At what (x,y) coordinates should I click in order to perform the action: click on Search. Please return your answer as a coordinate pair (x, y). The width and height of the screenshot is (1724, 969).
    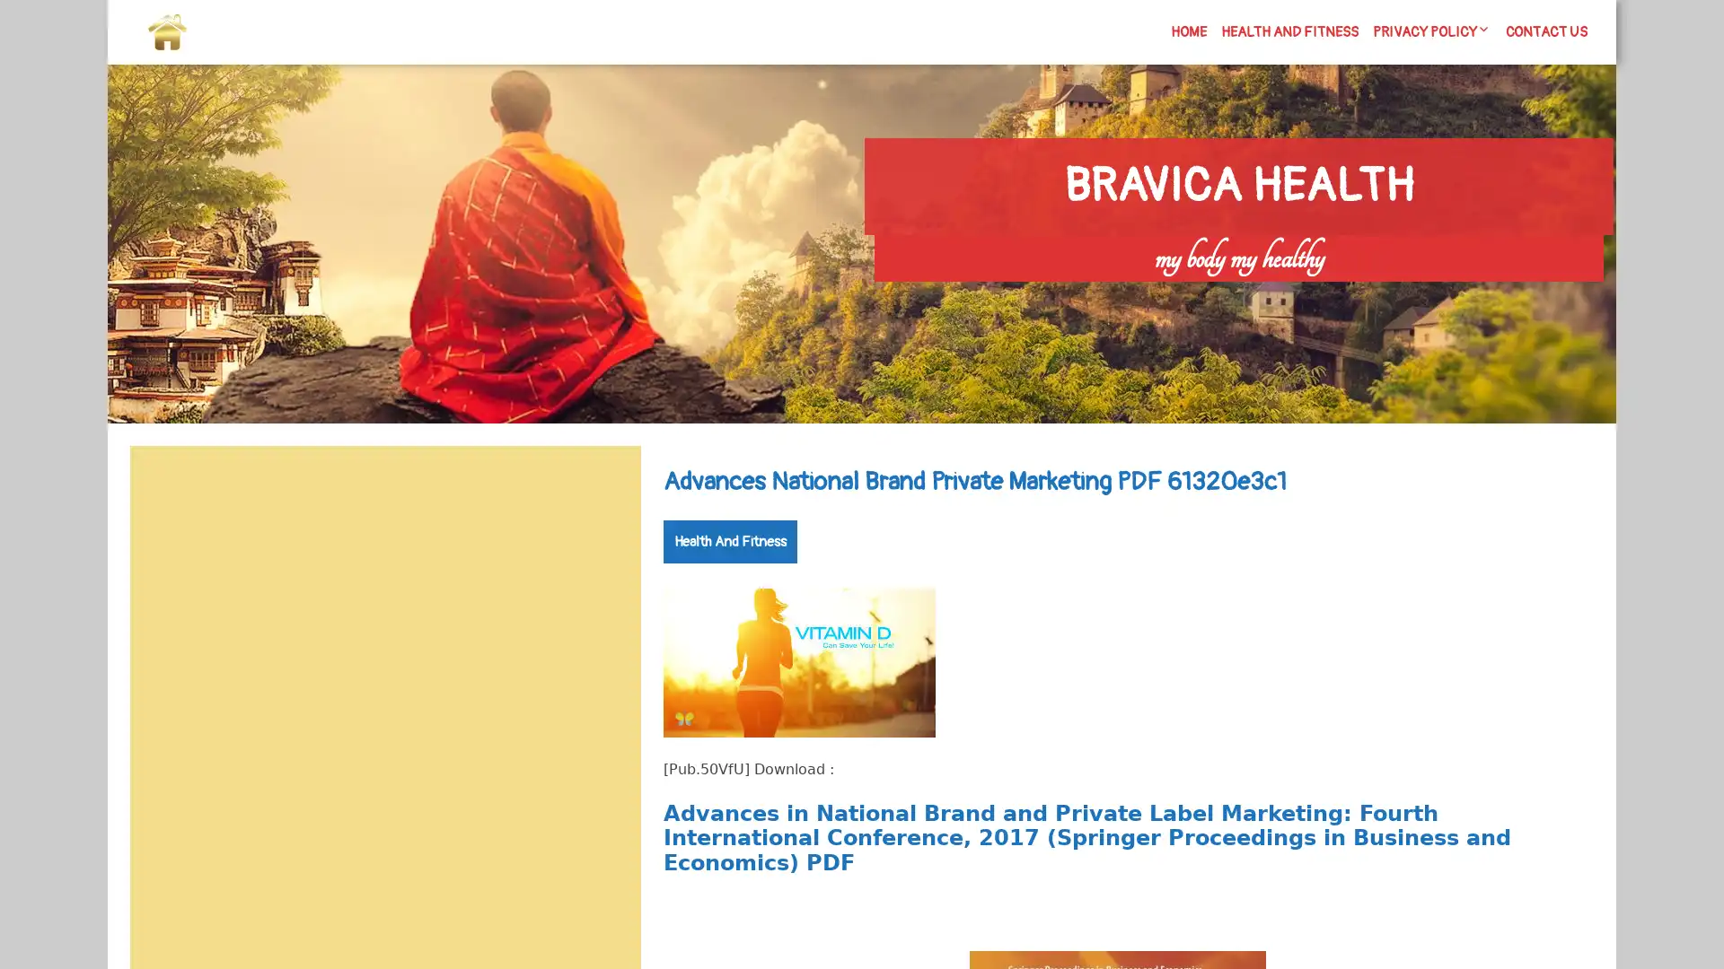
    Looking at the image, I should click on (1398, 293).